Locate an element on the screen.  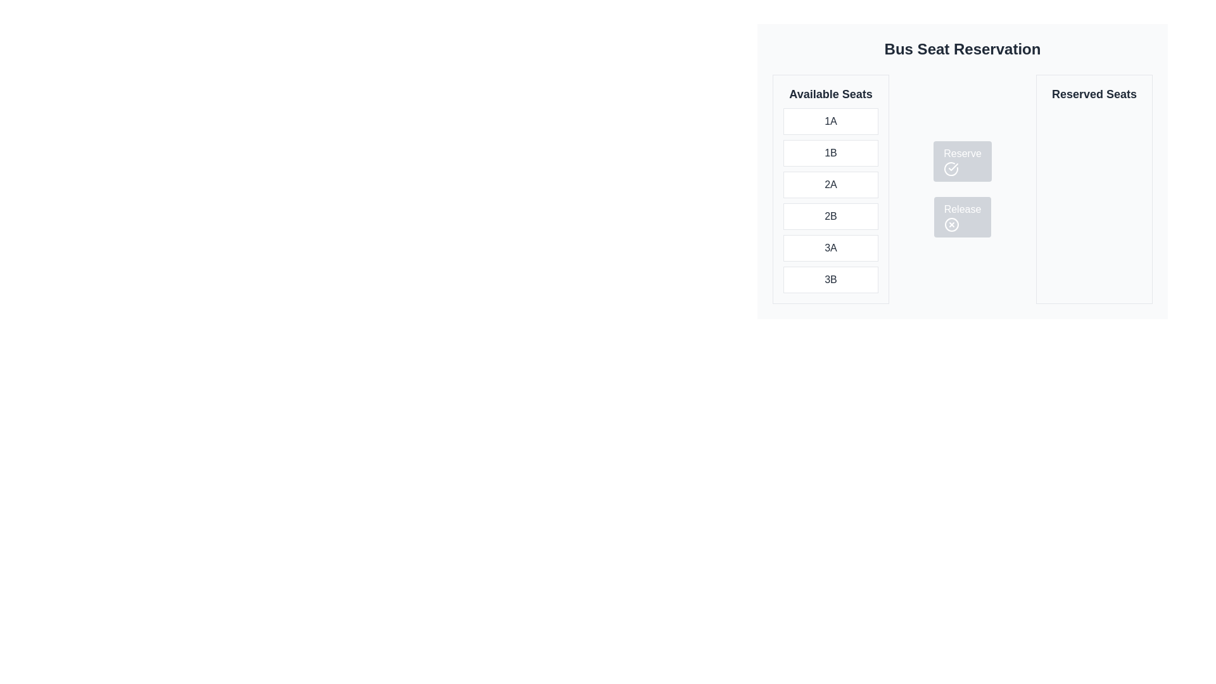
the button labeled '2B', which is a rectangular button with a white background and black text, positioned in the 'Available Seats' section below '2A' and above '3A' is located at coordinates (830, 216).